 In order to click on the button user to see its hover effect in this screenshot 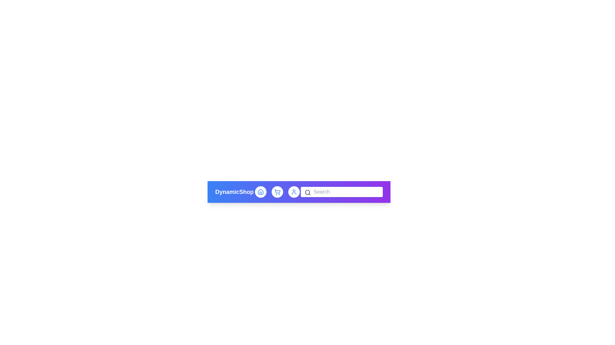, I will do `click(293, 192)`.